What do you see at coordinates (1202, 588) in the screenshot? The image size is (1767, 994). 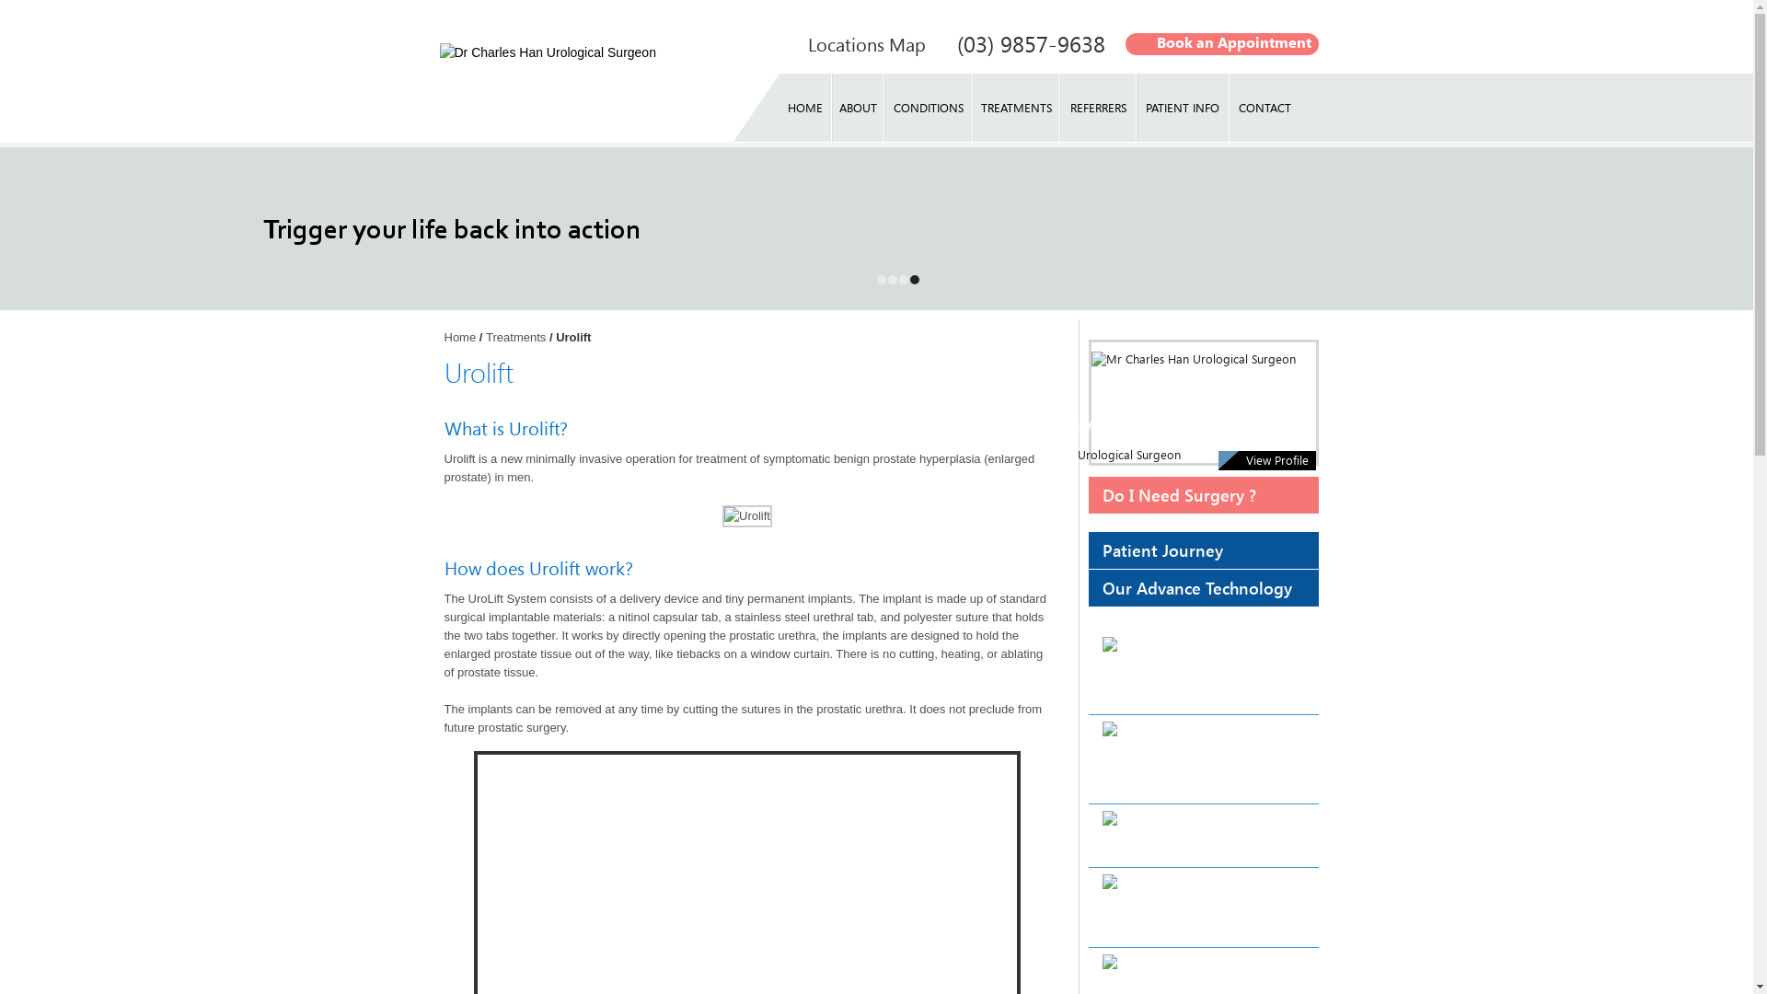 I see `'Our Advance Technology'` at bounding box center [1202, 588].